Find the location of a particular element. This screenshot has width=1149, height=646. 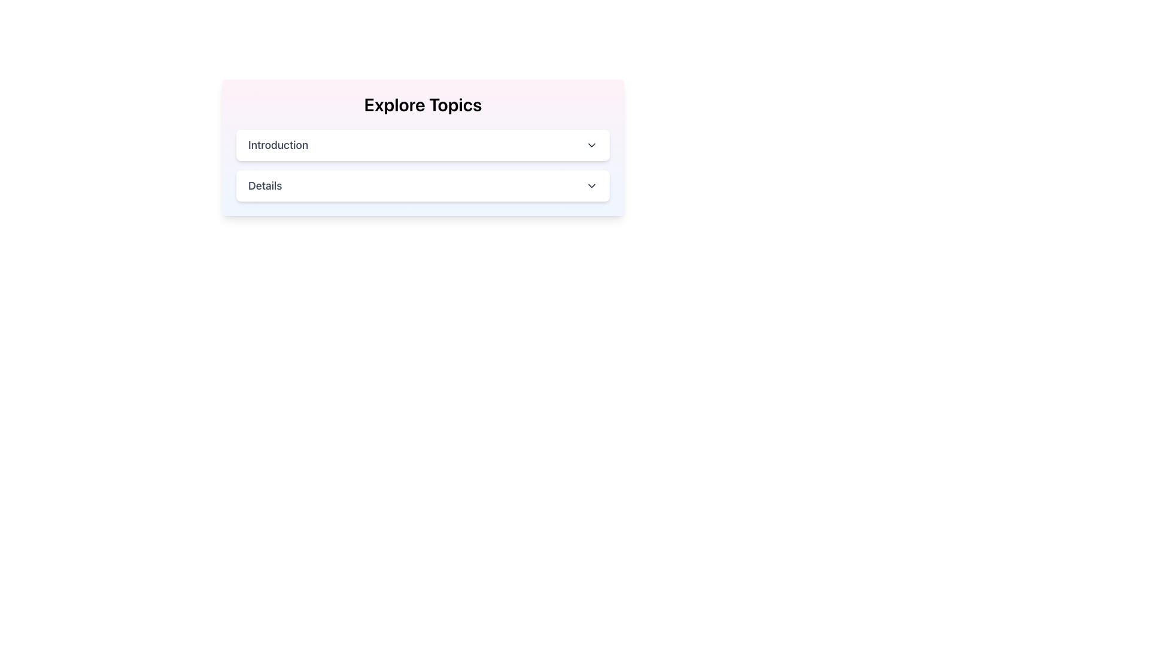

the chevron icon located at the right end of the 'Details' section is located at coordinates (591, 186).